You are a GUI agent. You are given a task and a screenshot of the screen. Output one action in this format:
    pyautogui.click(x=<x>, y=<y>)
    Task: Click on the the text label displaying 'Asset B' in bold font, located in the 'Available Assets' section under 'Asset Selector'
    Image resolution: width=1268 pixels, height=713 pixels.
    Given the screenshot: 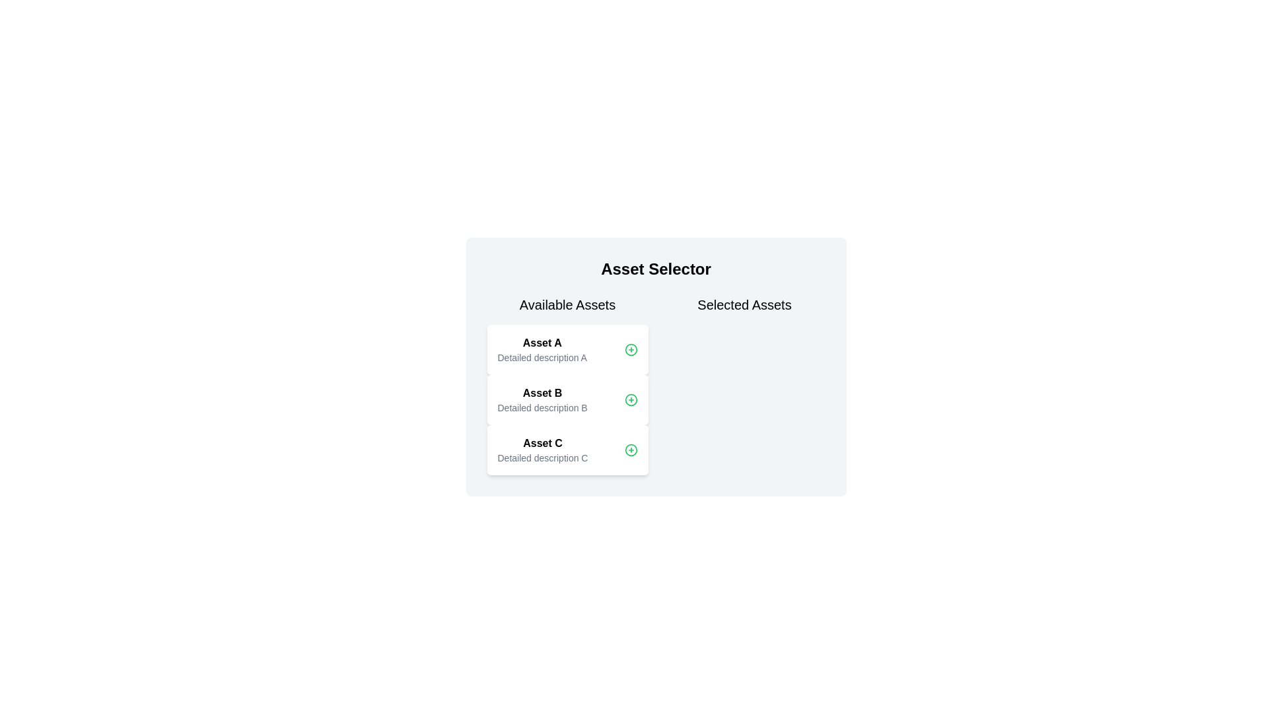 What is the action you would take?
    pyautogui.click(x=542, y=393)
    